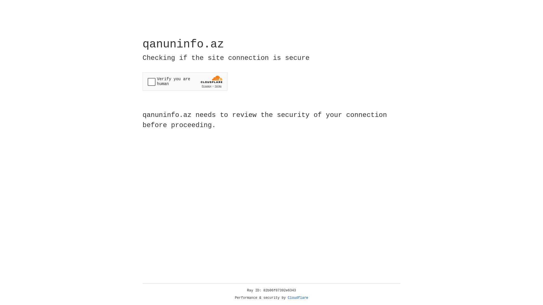 The image size is (543, 305). What do you see at coordinates (298, 298) in the screenshot?
I see `'Cloudflare'` at bounding box center [298, 298].